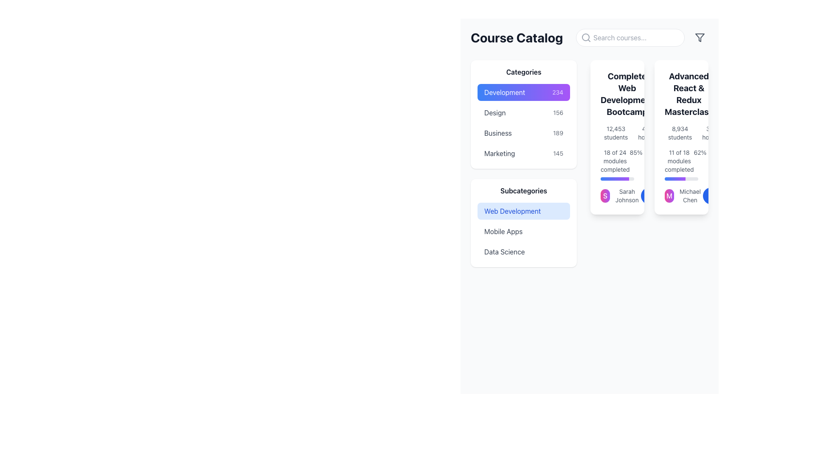 The image size is (815, 458). I want to click on the 'Development' category selector button located at the top left section of the interface to trigger visual feedback, so click(523, 92).